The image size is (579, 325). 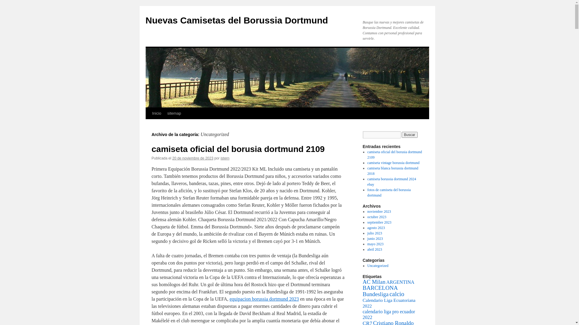 What do you see at coordinates (375, 294) in the screenshot?
I see `'Bundesliga'` at bounding box center [375, 294].